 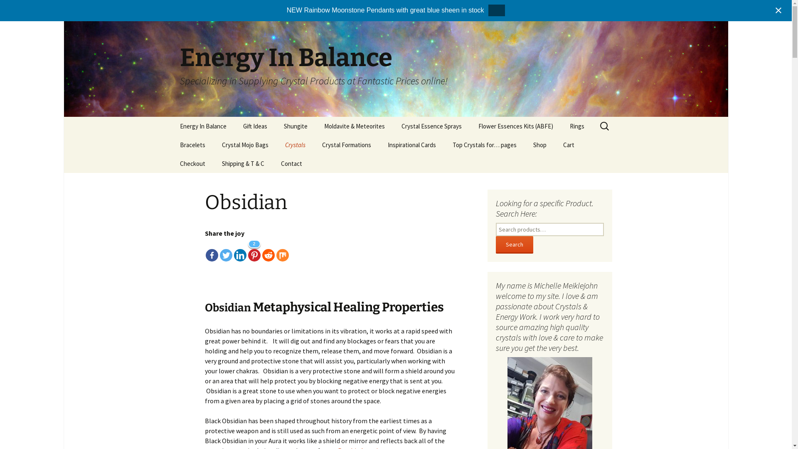 What do you see at coordinates (203, 126) in the screenshot?
I see `'Energy In Balance'` at bounding box center [203, 126].